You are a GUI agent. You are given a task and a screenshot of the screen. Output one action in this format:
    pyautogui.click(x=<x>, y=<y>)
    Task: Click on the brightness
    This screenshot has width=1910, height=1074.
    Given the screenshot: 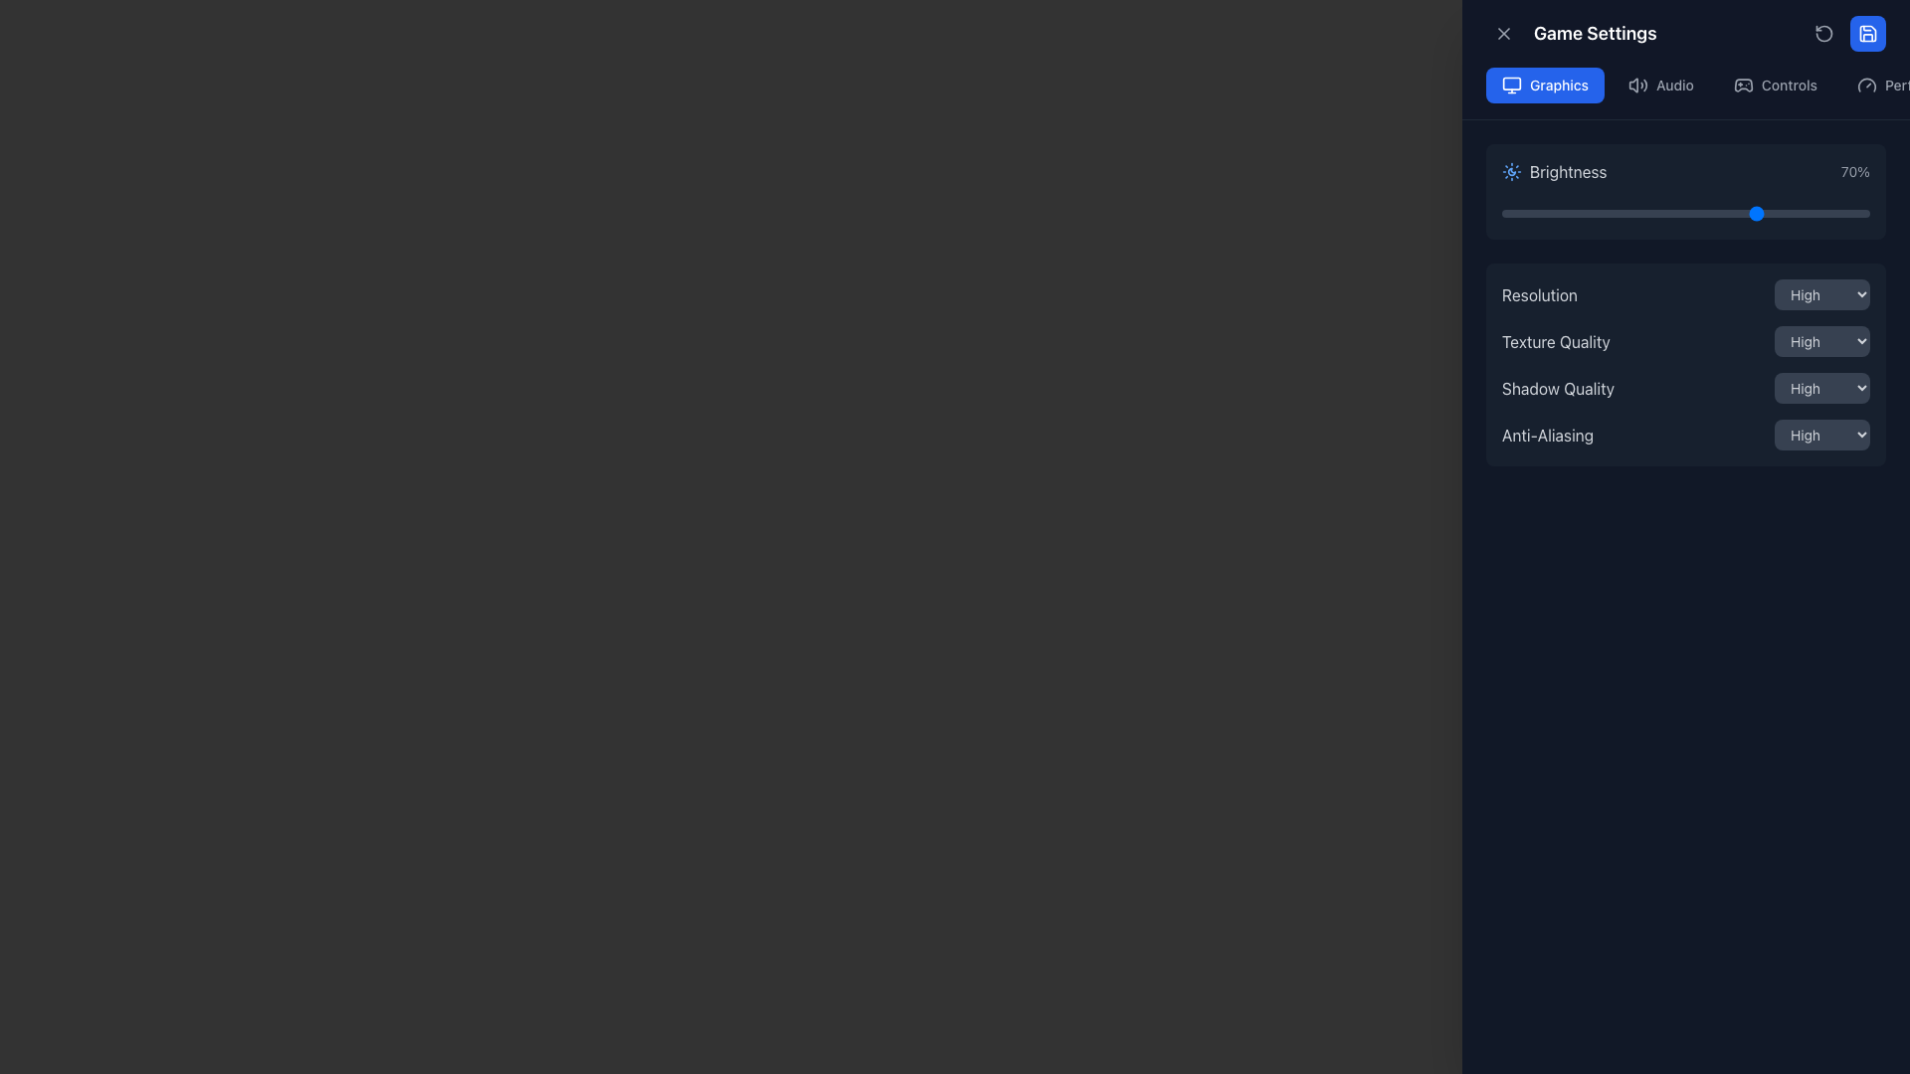 What is the action you would take?
    pyautogui.click(x=1613, y=214)
    